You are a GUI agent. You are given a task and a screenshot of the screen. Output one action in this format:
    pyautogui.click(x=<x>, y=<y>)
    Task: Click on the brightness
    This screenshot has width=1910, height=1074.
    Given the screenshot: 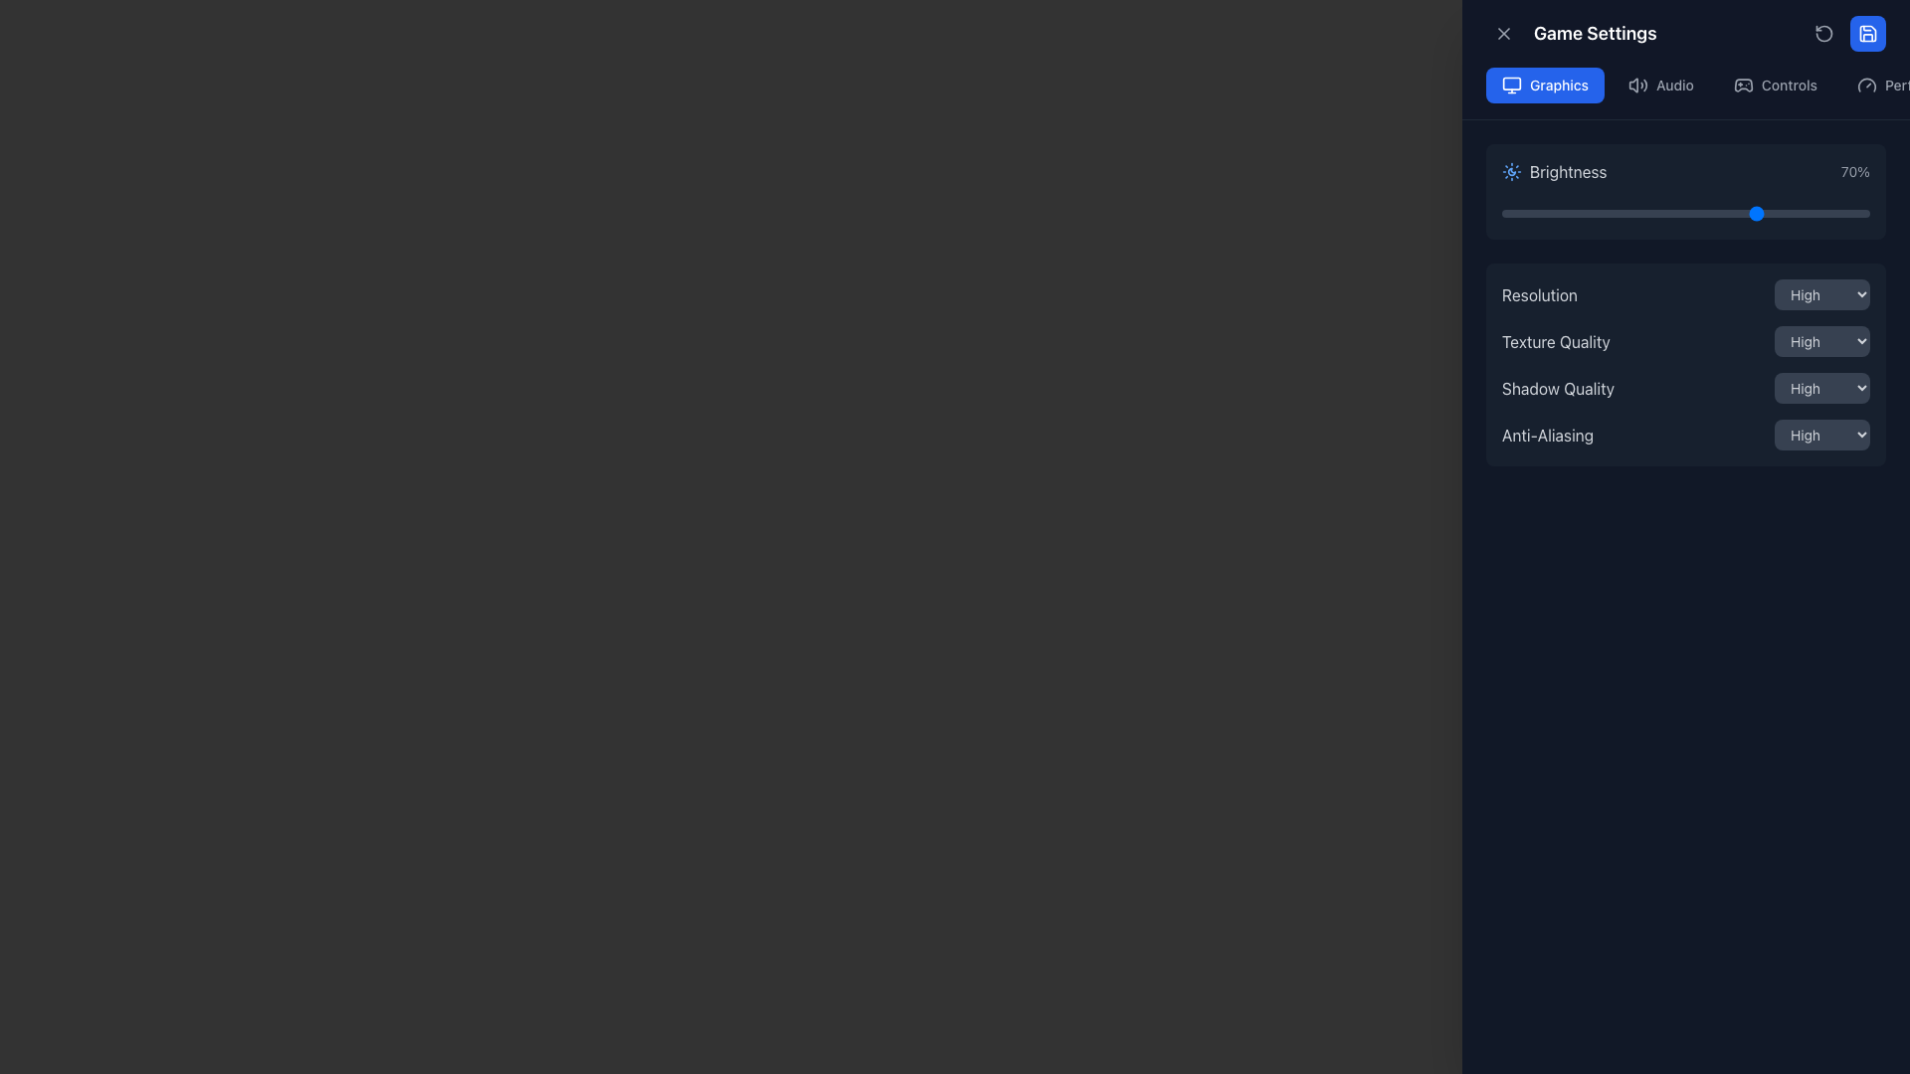 What is the action you would take?
    pyautogui.click(x=1613, y=214)
    